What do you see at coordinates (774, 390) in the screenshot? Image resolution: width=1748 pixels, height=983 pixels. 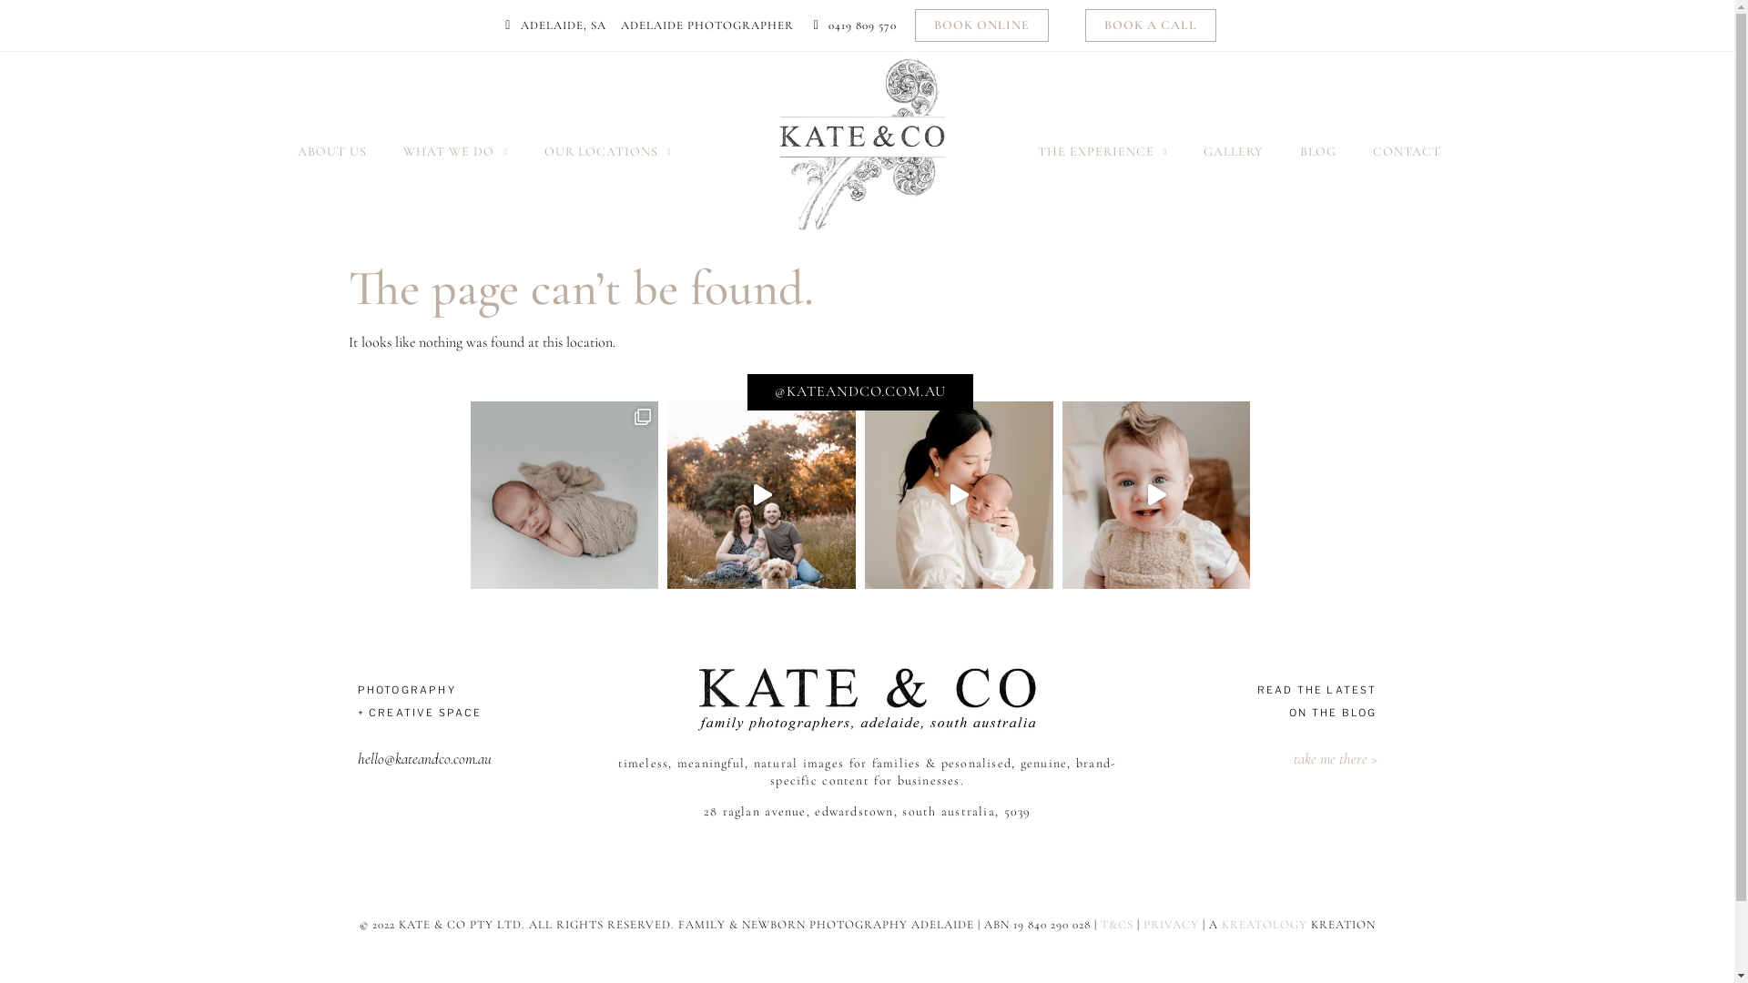 I see `'@KATEANDCO.COM.AU'` at bounding box center [774, 390].